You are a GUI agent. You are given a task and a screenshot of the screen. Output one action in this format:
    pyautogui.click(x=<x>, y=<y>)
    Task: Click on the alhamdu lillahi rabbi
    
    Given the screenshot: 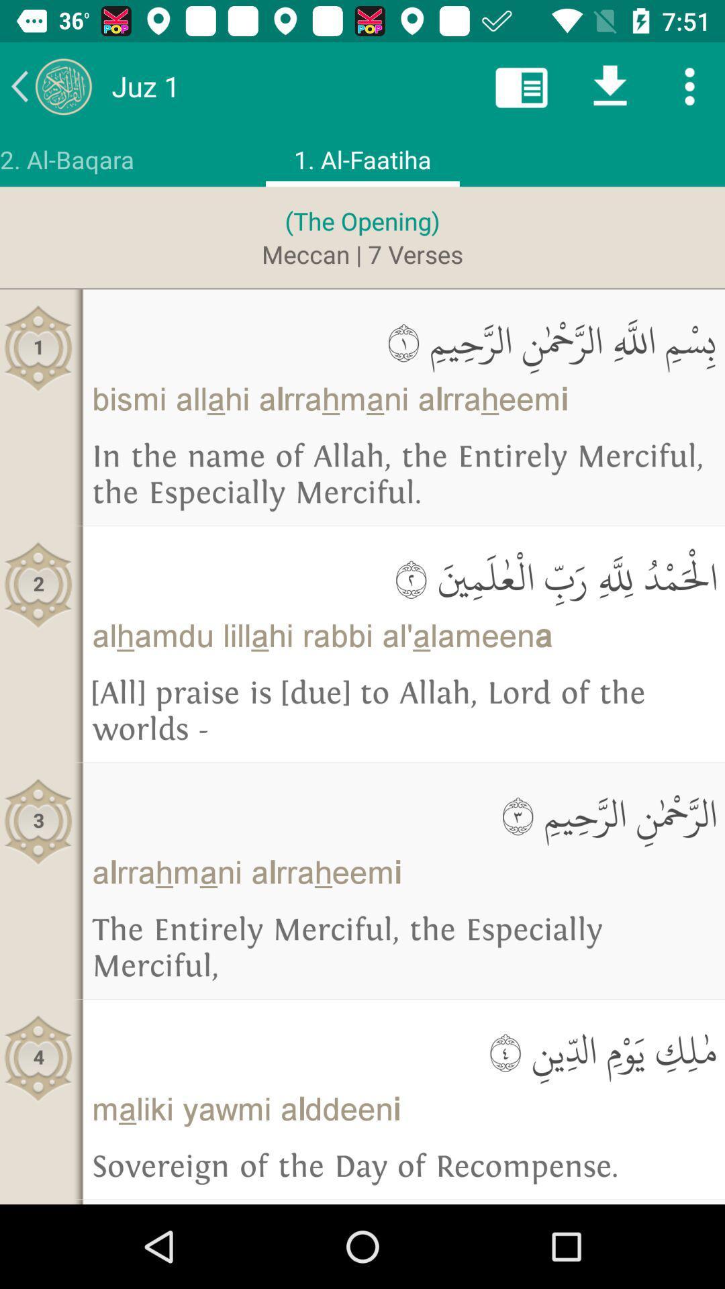 What is the action you would take?
    pyautogui.click(x=403, y=635)
    